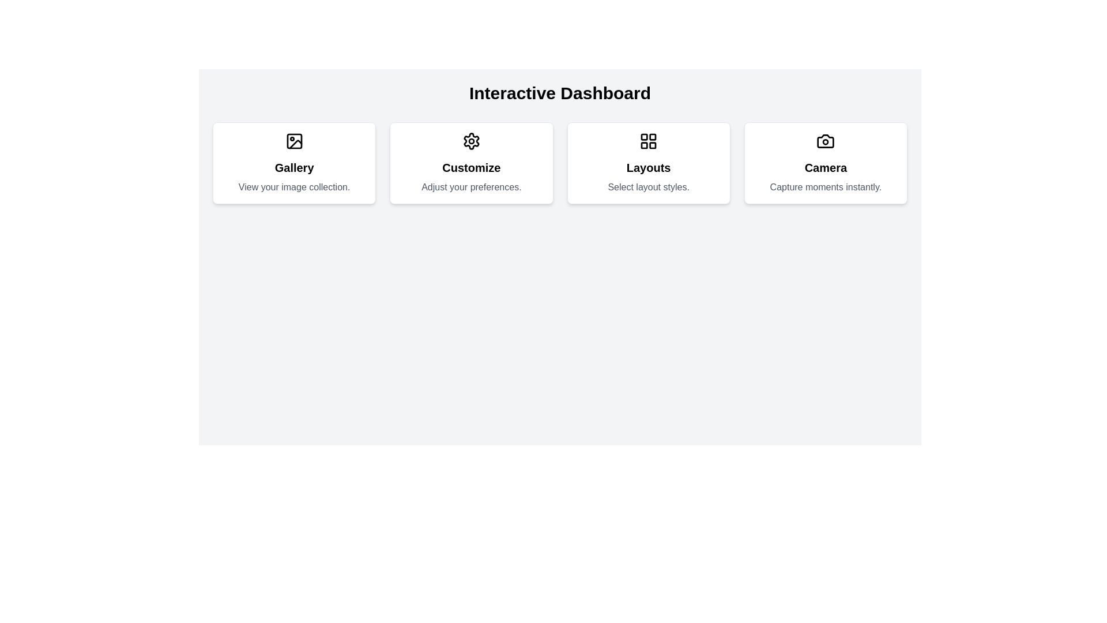 This screenshot has height=623, width=1107. What do you see at coordinates (294, 141) in the screenshot?
I see `the SVG shape representing the rectangular frame with rounded corners, which is part of the picture frame icon located above the 'Gallery' text in the leftmost card on the dashboard` at bounding box center [294, 141].